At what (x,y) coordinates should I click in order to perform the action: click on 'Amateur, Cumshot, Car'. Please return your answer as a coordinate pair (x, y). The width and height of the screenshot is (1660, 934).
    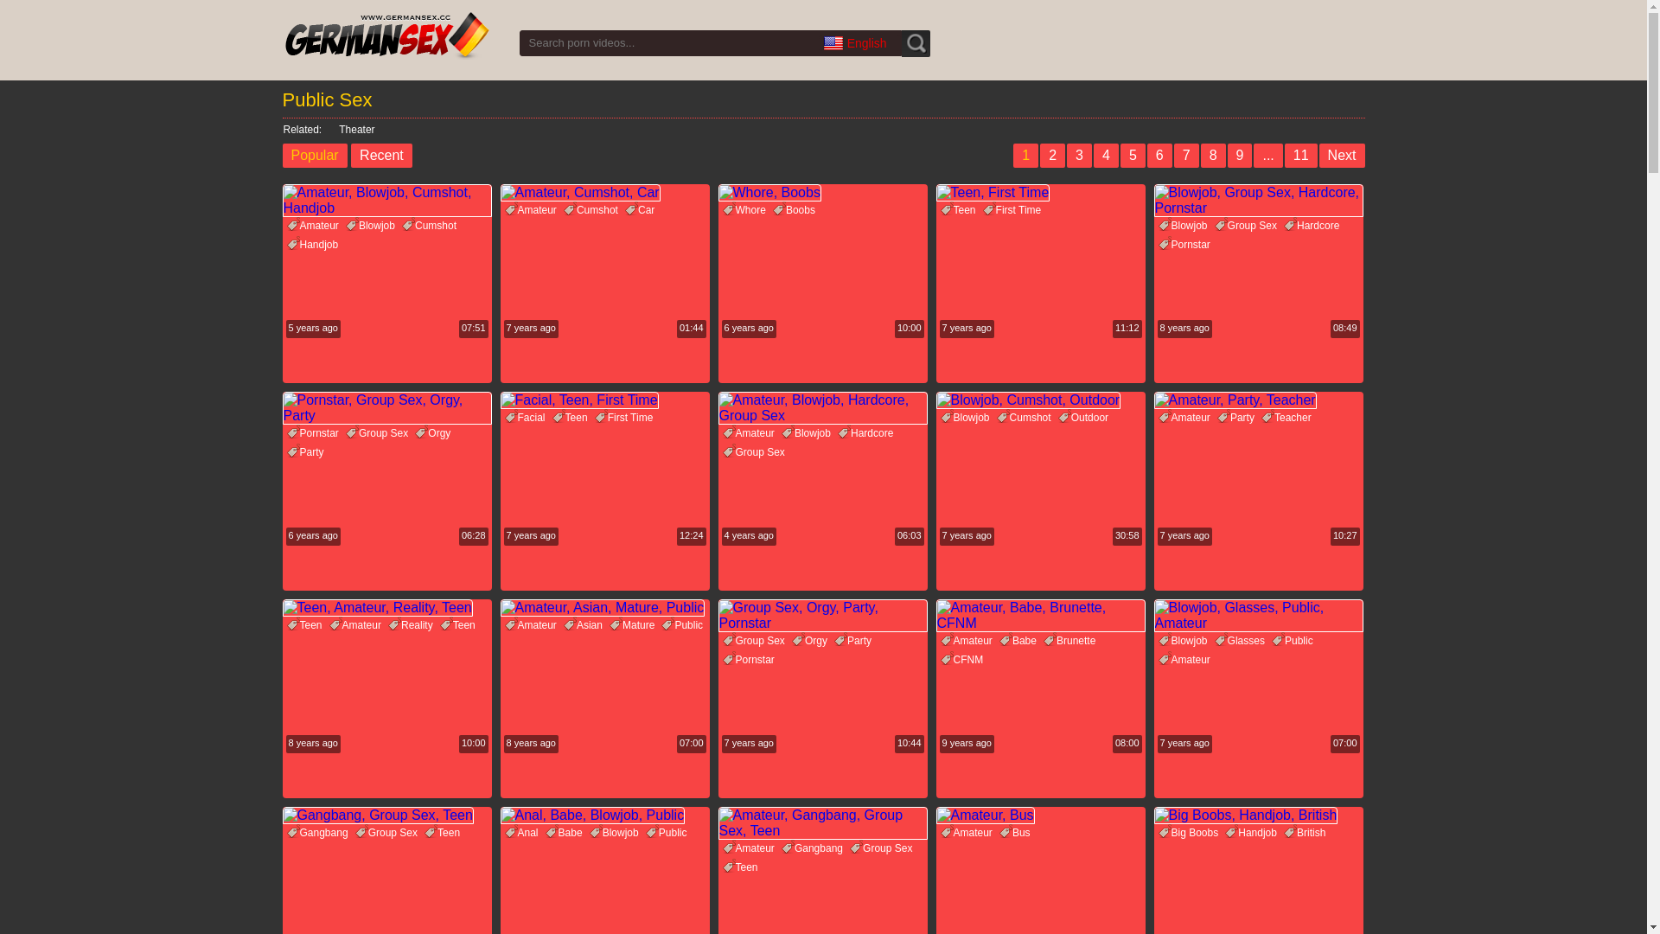
    Looking at the image, I should click on (604, 193).